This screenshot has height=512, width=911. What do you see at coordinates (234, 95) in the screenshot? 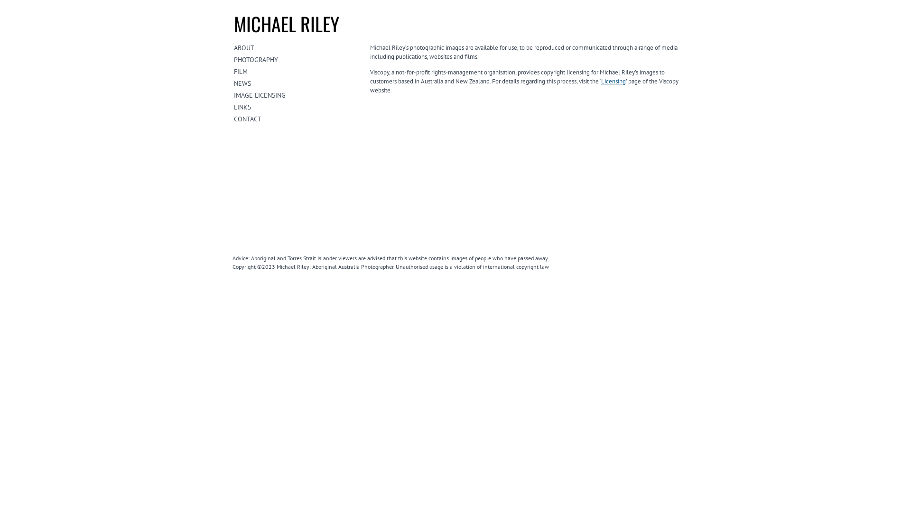
I see `'IMAGE LICENSING'` at bounding box center [234, 95].